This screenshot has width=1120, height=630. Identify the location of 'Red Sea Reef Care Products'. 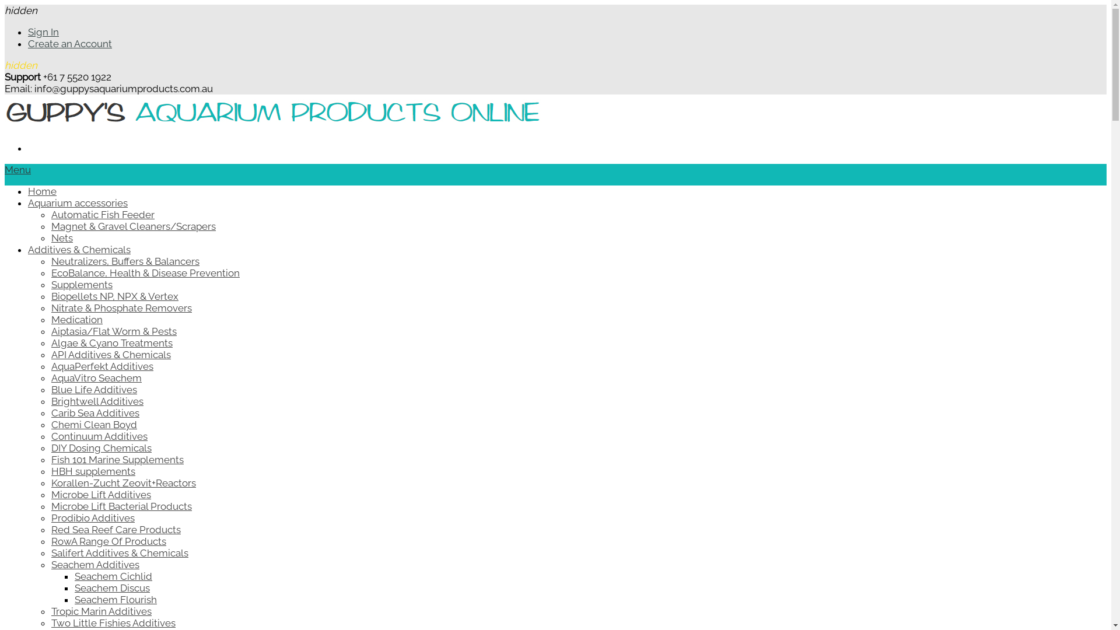
(116, 529).